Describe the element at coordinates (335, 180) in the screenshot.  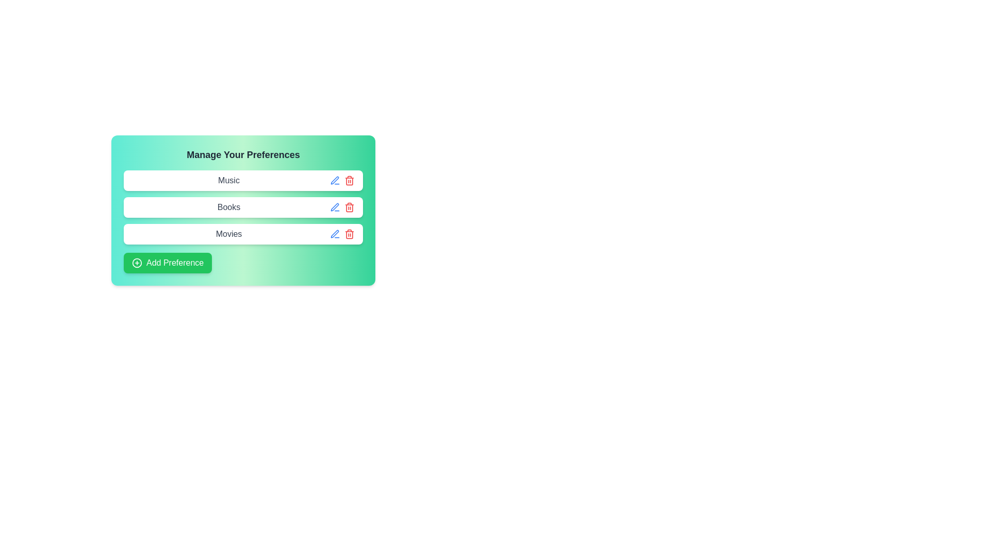
I see `the edit button for the preference tag Music to enable editing` at that location.